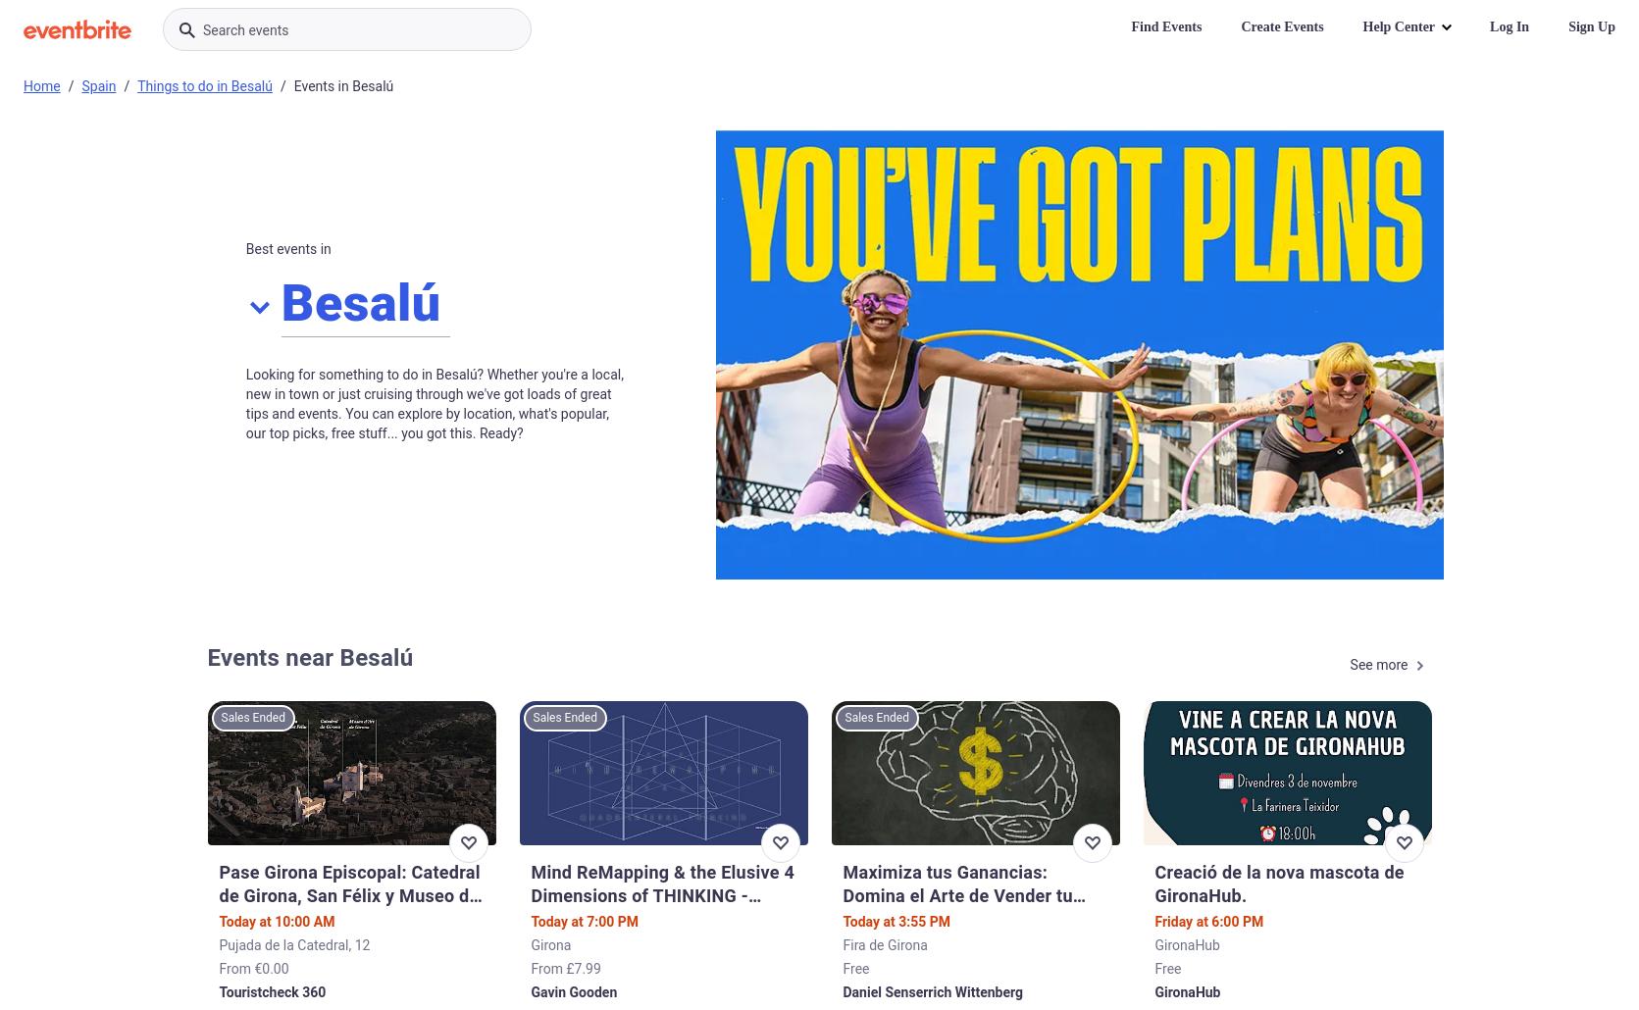 This screenshot has width=1639, height=1010. What do you see at coordinates (1350, 663) in the screenshot?
I see `'See more'` at bounding box center [1350, 663].